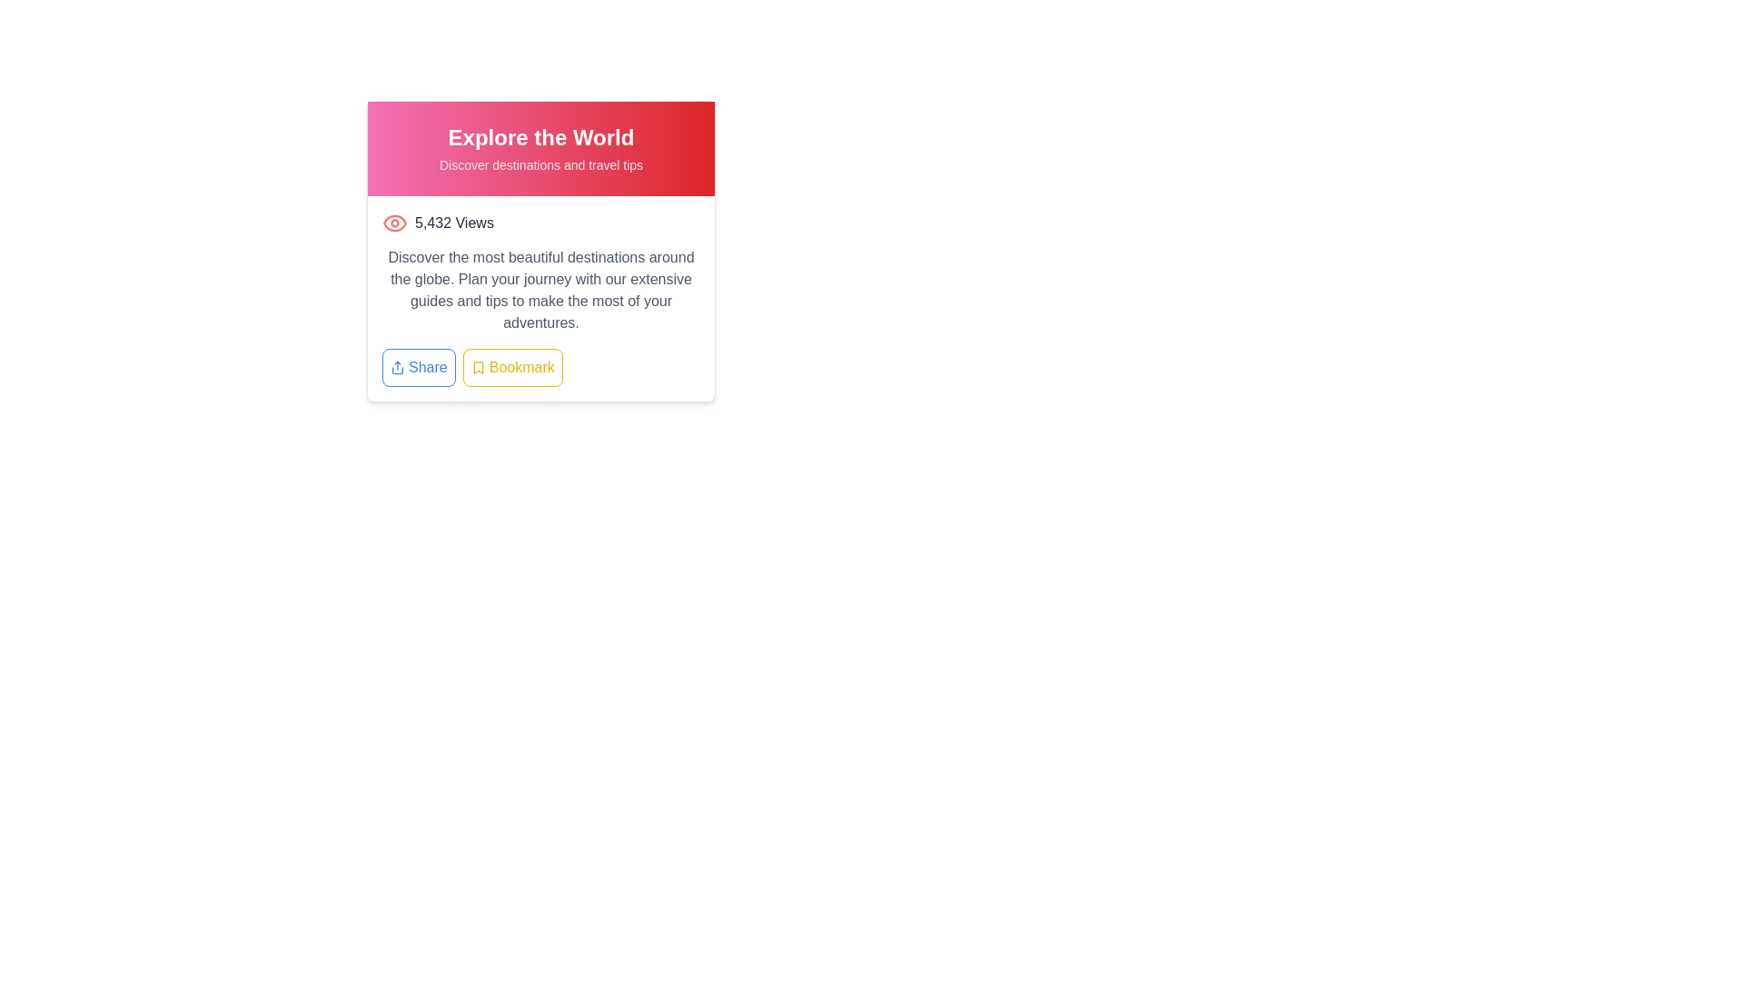  Describe the element at coordinates (540, 136) in the screenshot. I see `the Text Header that serves as a title for exploration and travel-related content, positioned at the top inside a gradient background and above the subtitle 'Discover destinations and travel tips'` at that location.